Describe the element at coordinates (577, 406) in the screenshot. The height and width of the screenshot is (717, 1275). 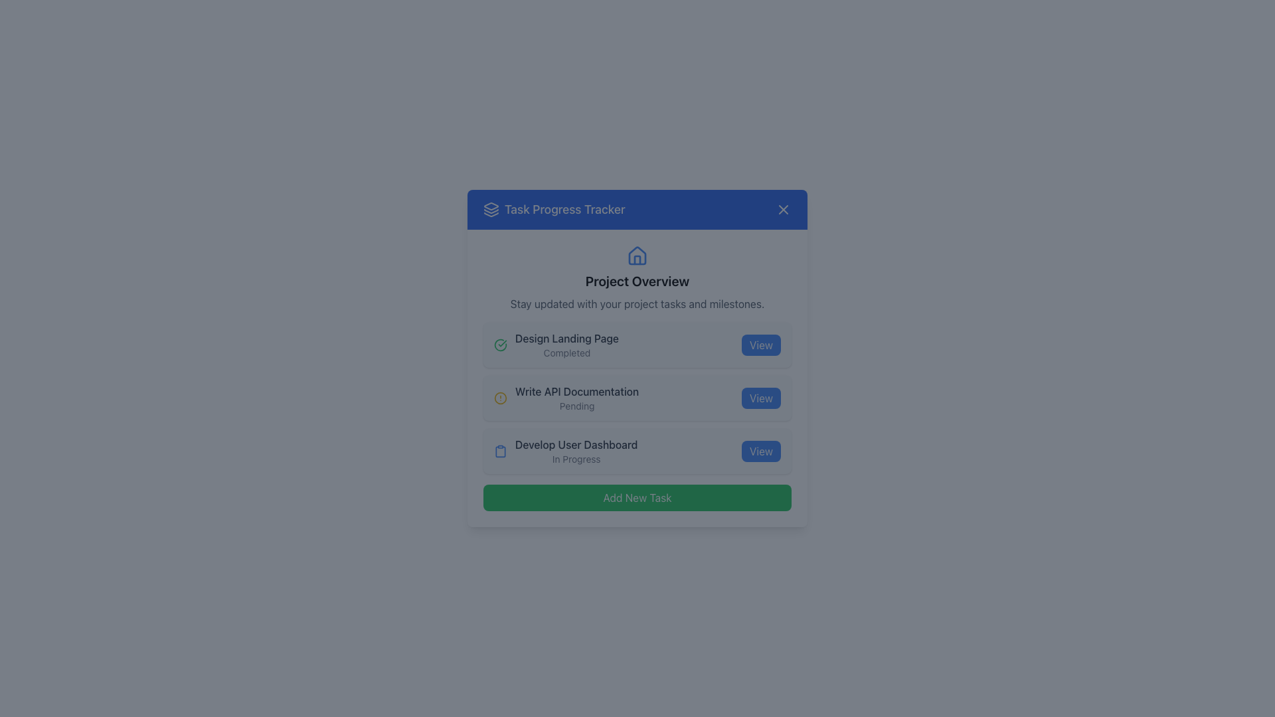
I see `the text label that displays 'Pending', which is styled in a smaller gray font and positioned centrally below the 'Write API Documentation' text` at that location.